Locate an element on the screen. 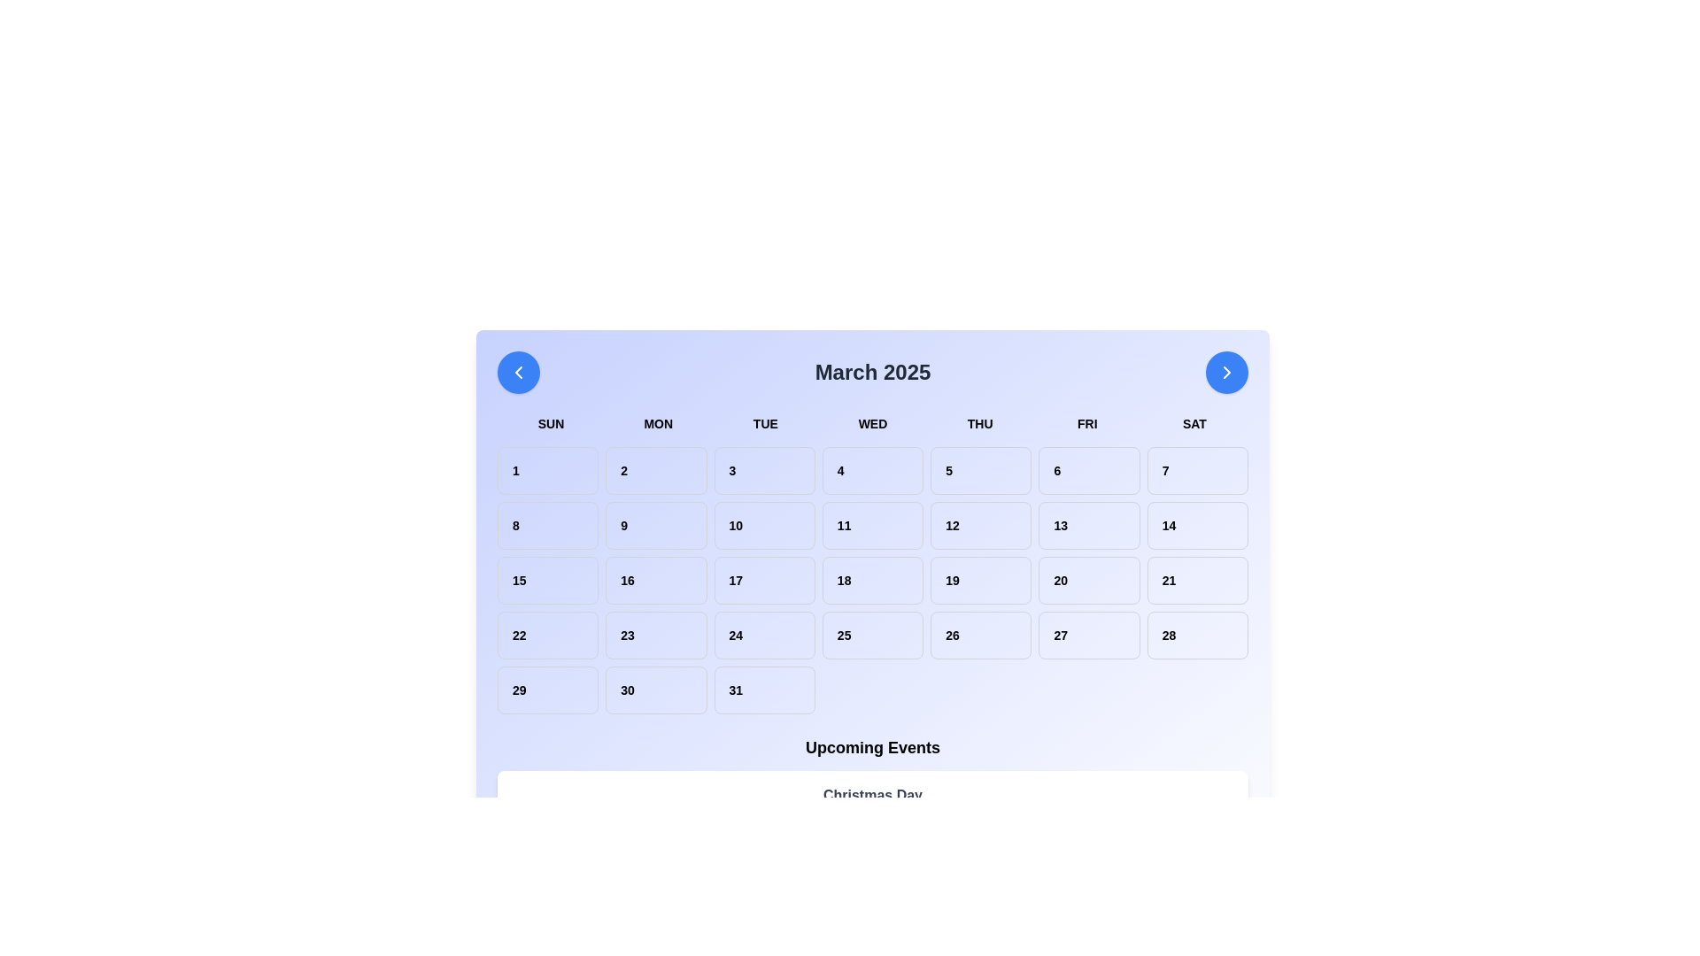 The width and height of the screenshot is (1700, 956). styling of the text label indicating the date, specifically the number for Wednesday, March 25th, 2025, located in the calendar interface is located at coordinates (872, 634).